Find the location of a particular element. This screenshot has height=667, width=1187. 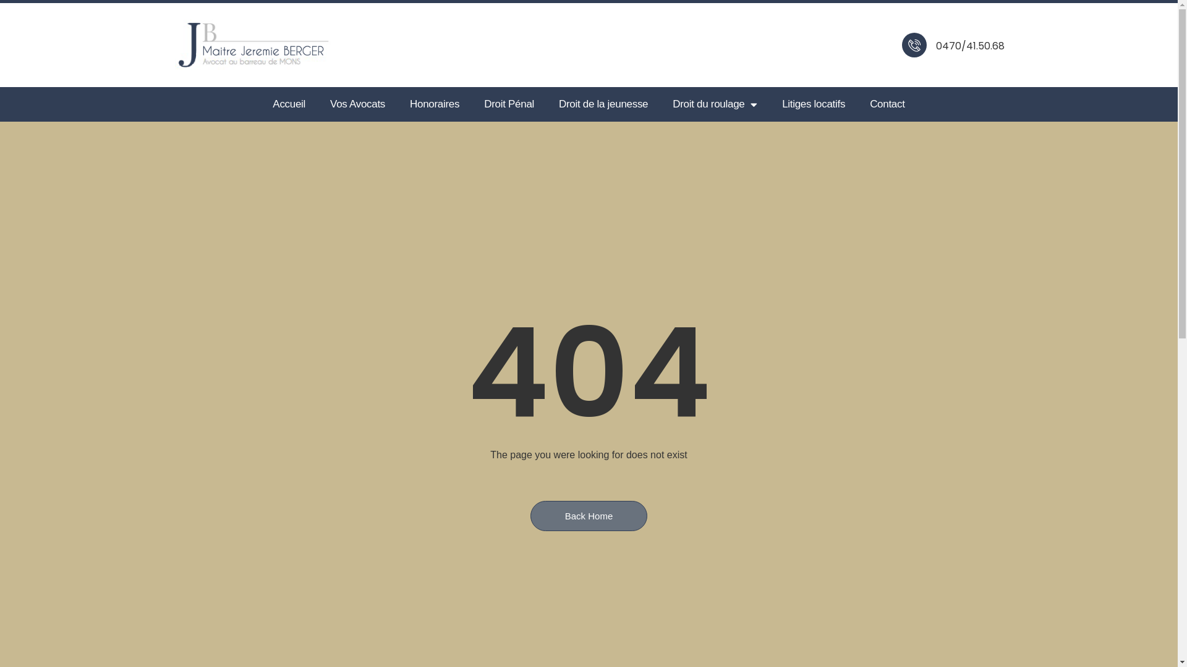

'Back Home' is located at coordinates (589, 516).